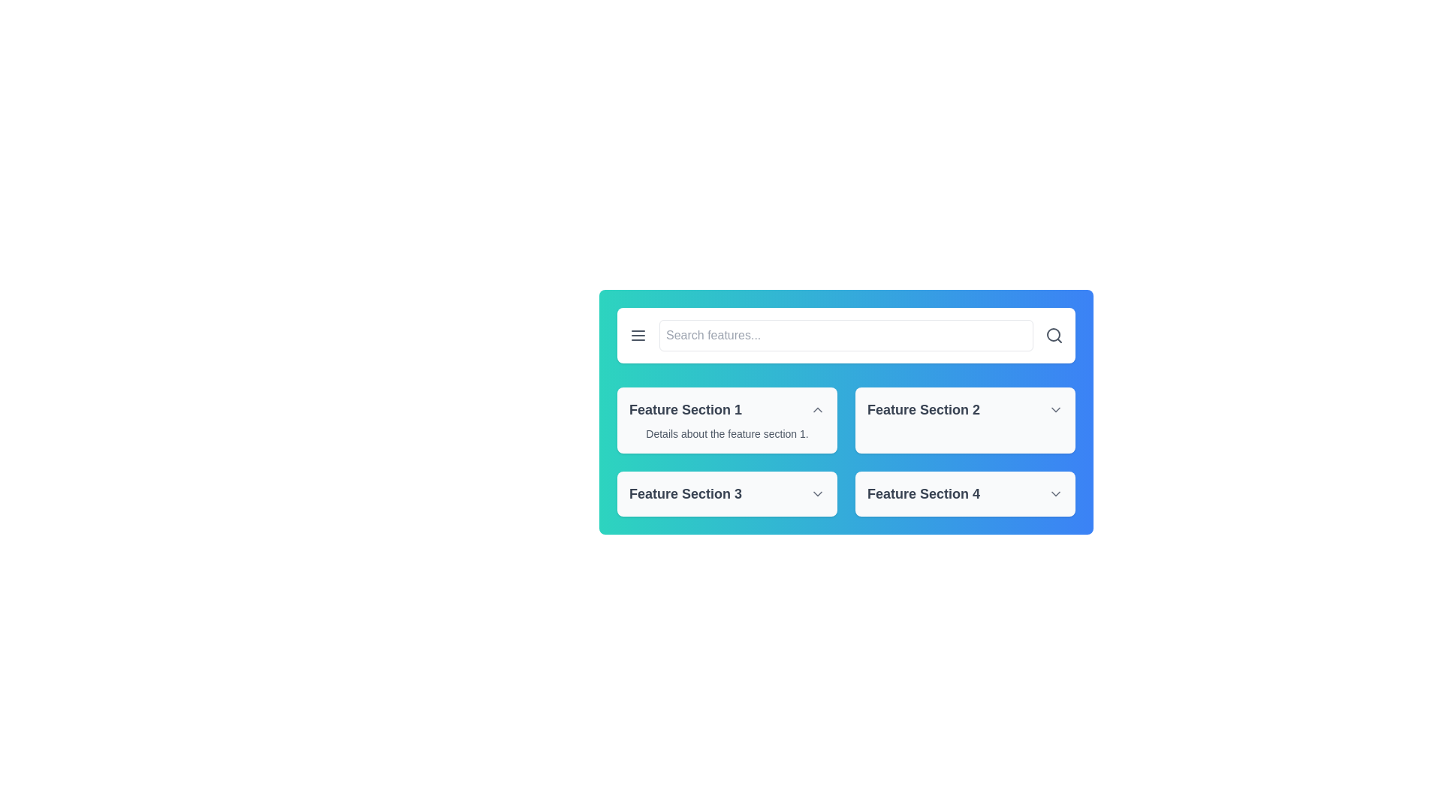 This screenshot has height=811, width=1442. What do you see at coordinates (684, 410) in the screenshot?
I see `the header label for the first feature section` at bounding box center [684, 410].